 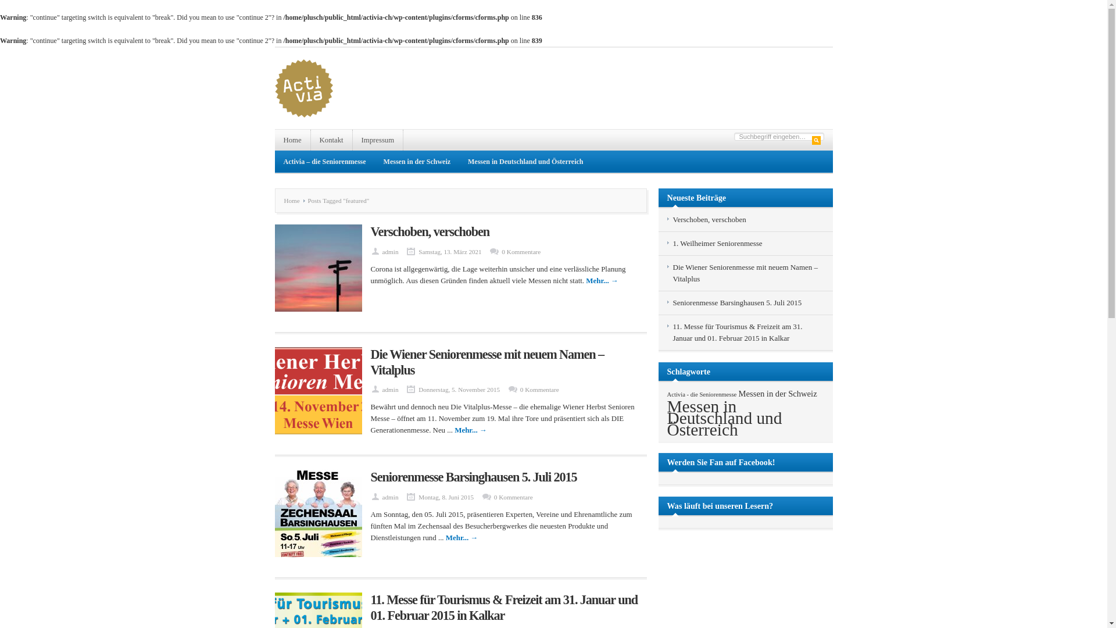 What do you see at coordinates (417, 161) in the screenshot?
I see `'Messen in der Schweiz'` at bounding box center [417, 161].